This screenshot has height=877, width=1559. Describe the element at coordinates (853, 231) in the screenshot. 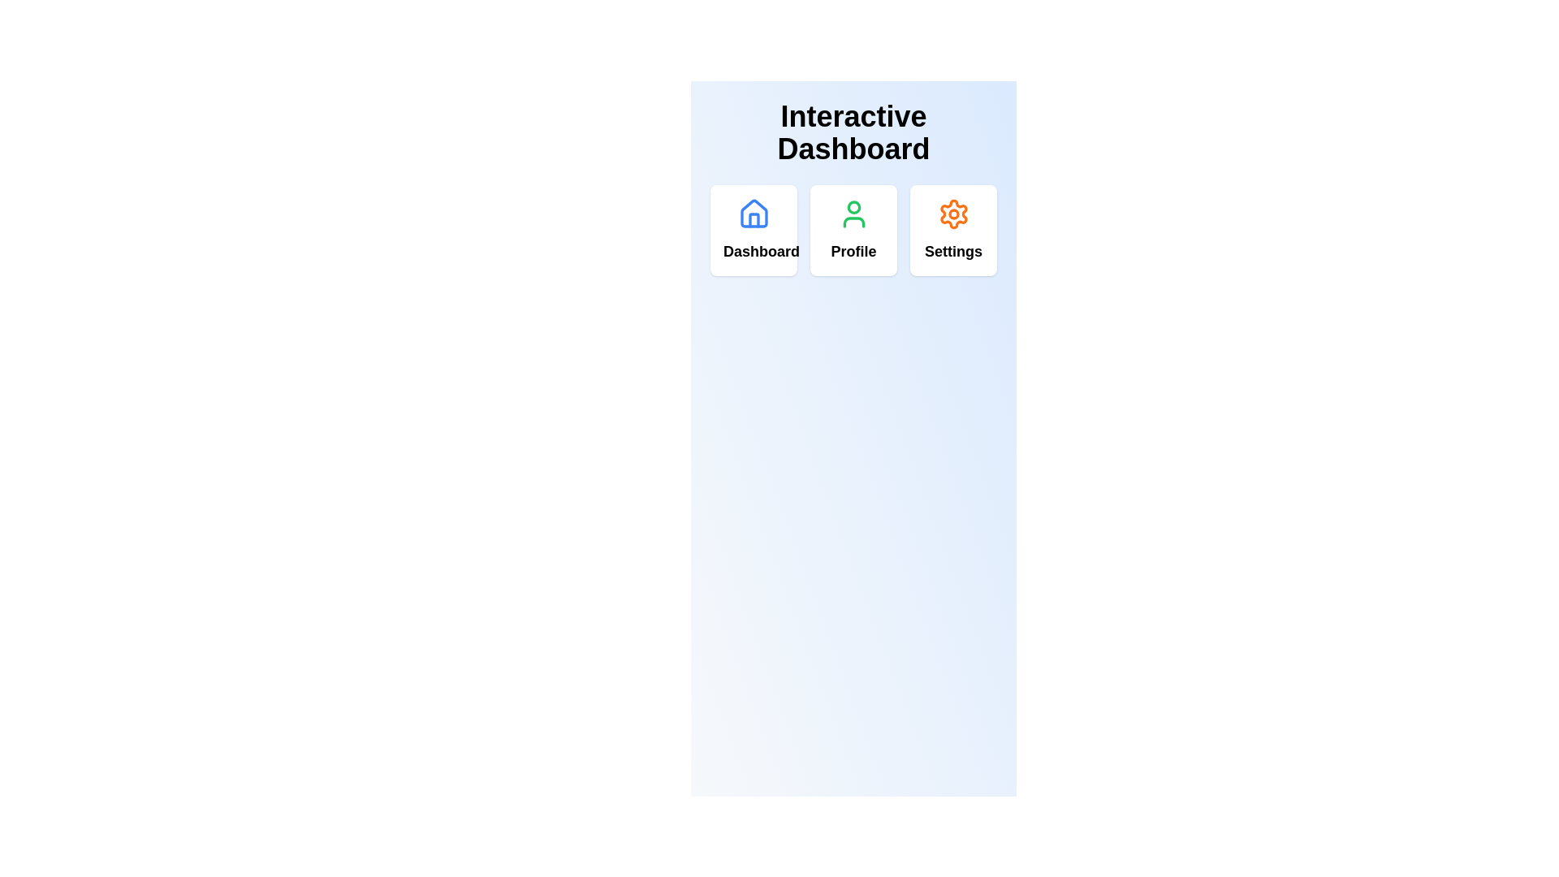

I see `the middle panel button for accessing the user's profile or account settings located under 'Interactive Dashboard'` at that location.